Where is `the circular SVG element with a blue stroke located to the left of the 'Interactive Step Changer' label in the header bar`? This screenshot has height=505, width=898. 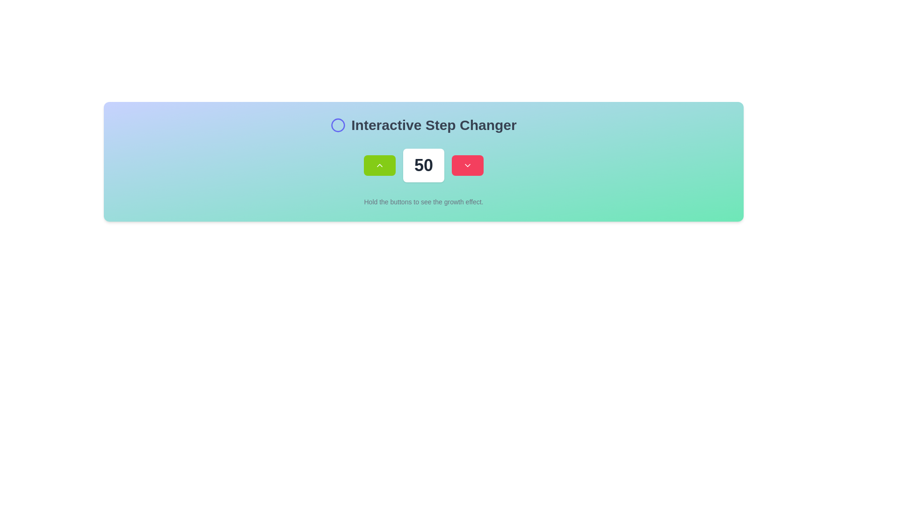 the circular SVG element with a blue stroke located to the left of the 'Interactive Step Changer' label in the header bar is located at coordinates (338, 124).